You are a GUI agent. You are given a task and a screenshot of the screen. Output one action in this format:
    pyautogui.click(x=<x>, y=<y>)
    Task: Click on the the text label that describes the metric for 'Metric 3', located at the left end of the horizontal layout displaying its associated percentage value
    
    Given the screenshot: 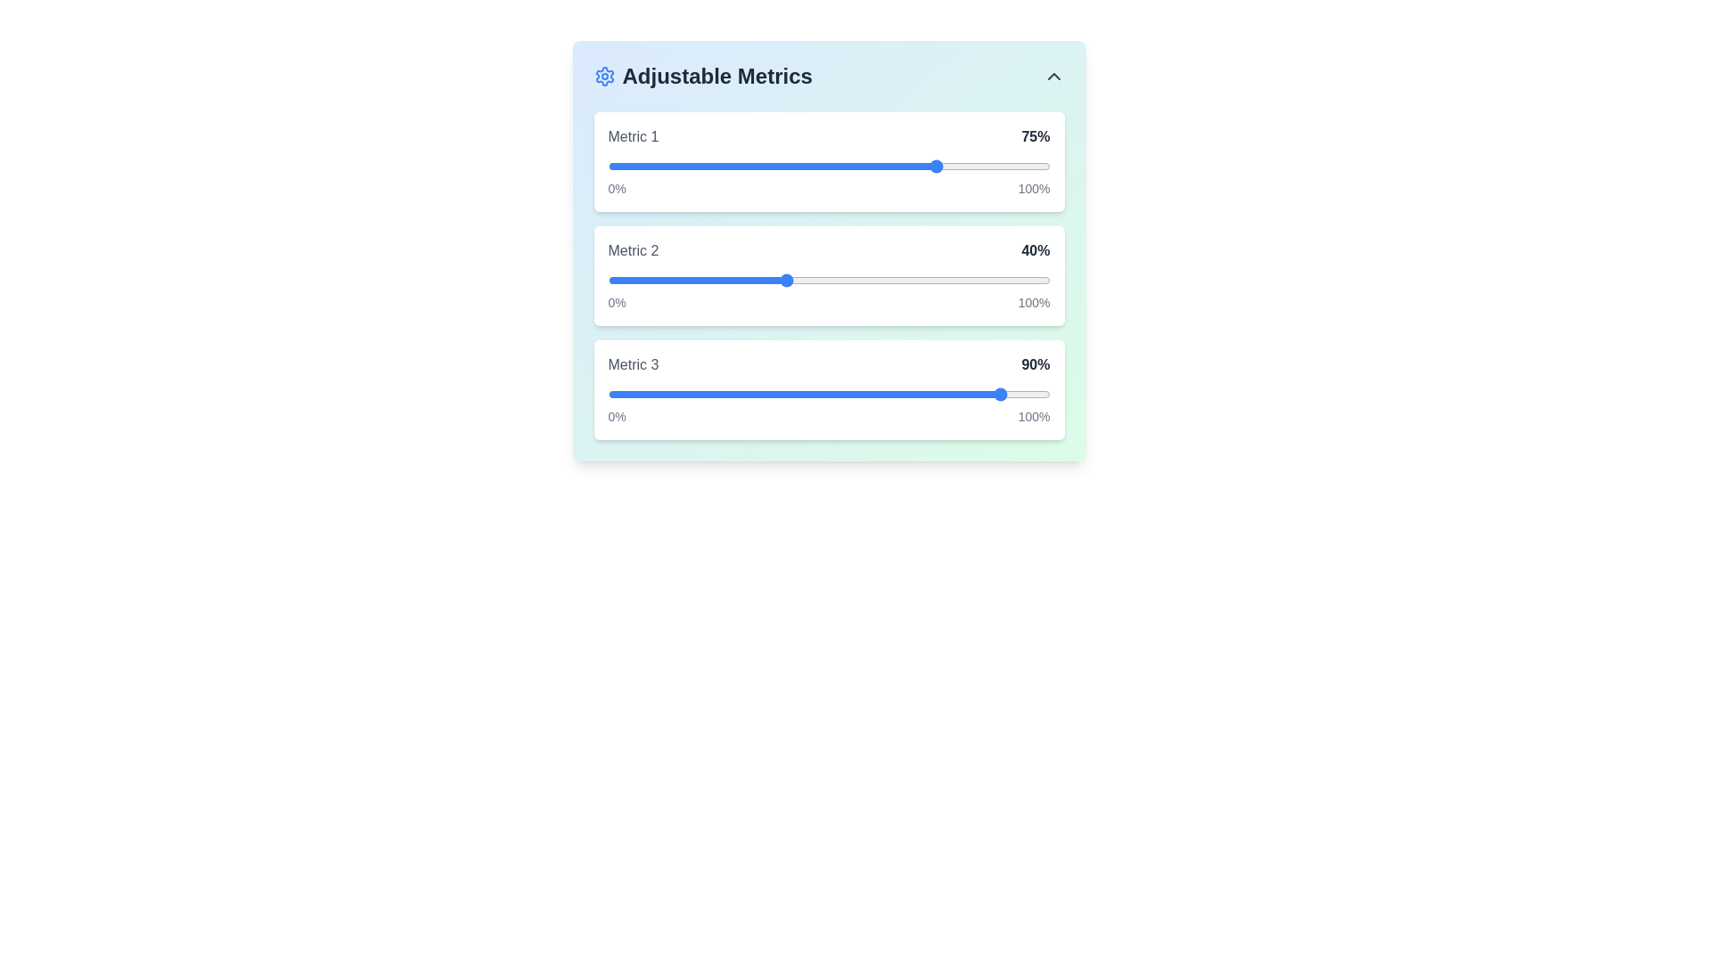 What is the action you would take?
    pyautogui.click(x=633, y=363)
    